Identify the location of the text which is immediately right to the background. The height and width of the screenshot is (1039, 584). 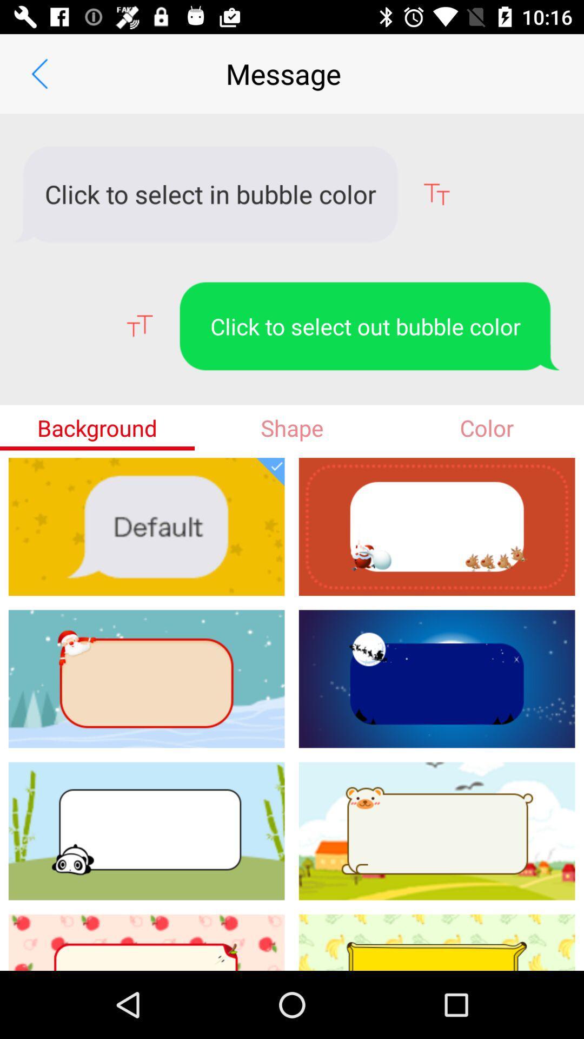
(292, 428).